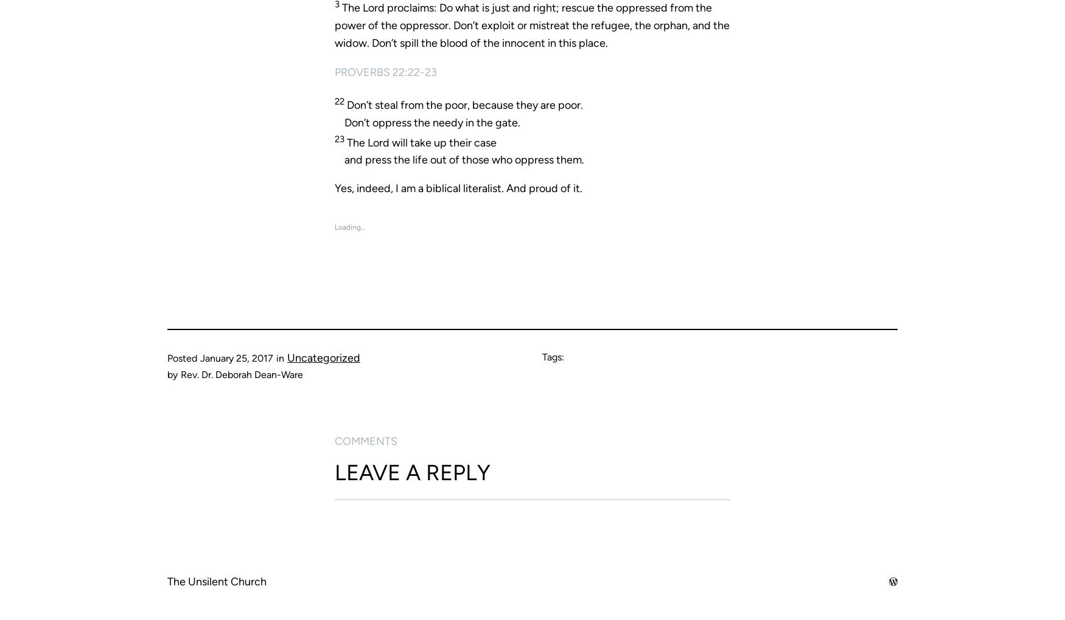 This screenshot has height=620, width=1065. I want to click on 'in', so click(280, 357).